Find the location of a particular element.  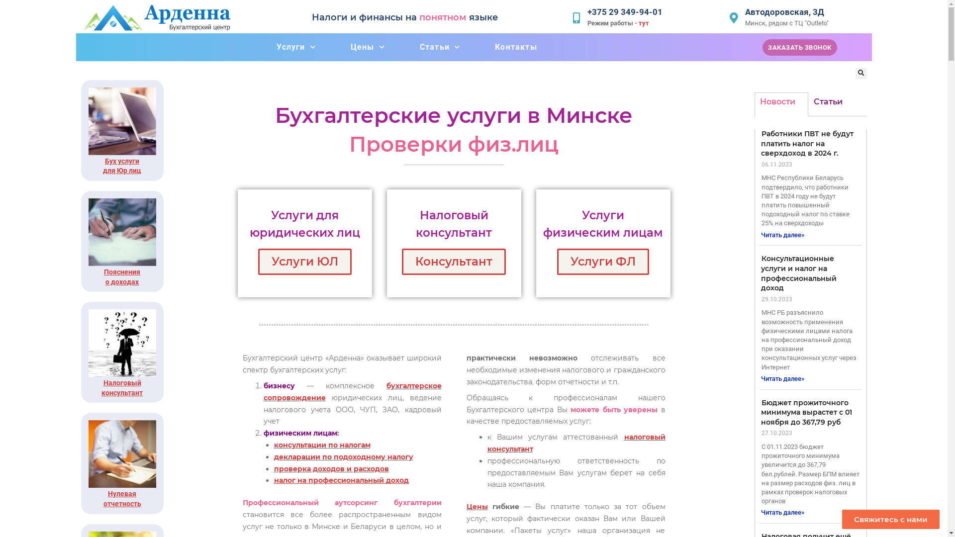

'+375 29 349-94-01' is located at coordinates (624, 11).